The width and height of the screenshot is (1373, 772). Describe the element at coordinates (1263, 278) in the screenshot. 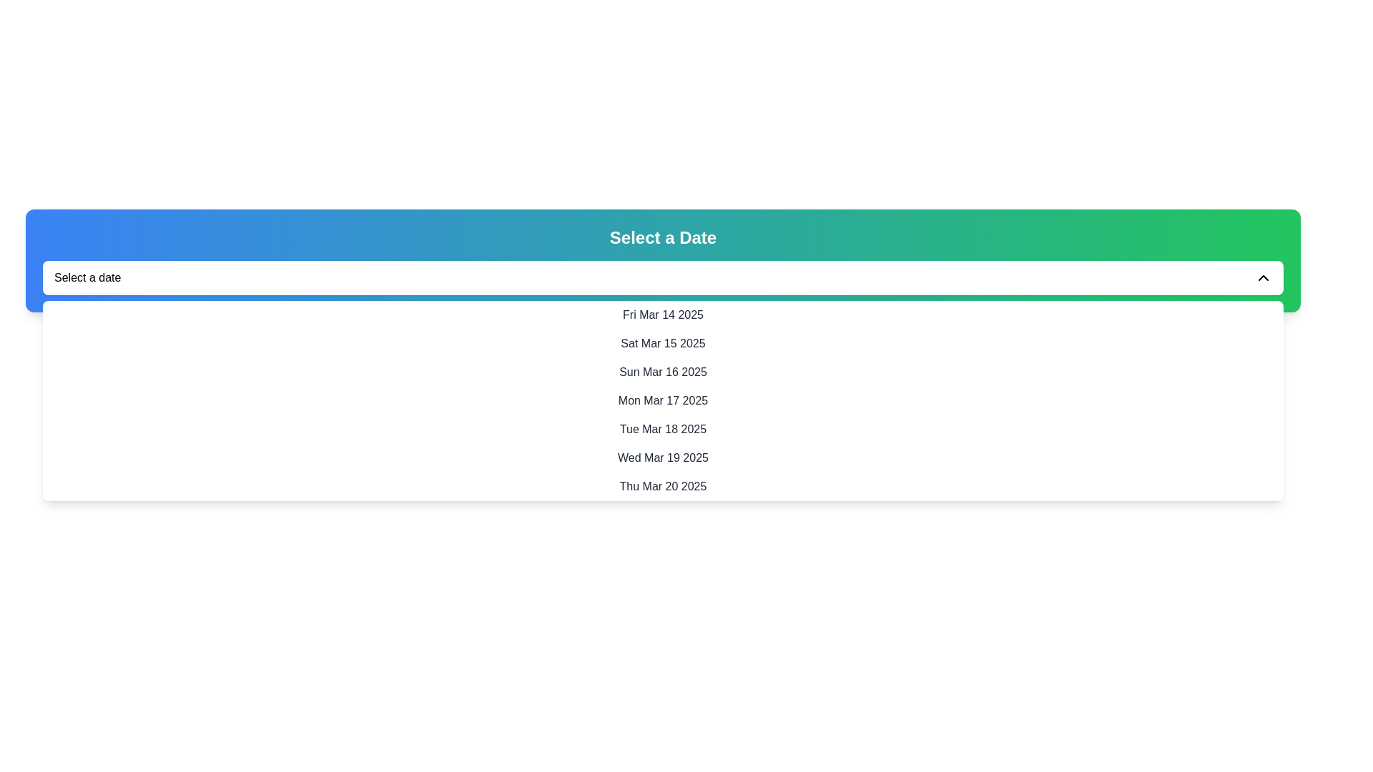

I see `the upward arrow-shaped icon button located in the top-right corner of the 'Select a date' area` at that location.